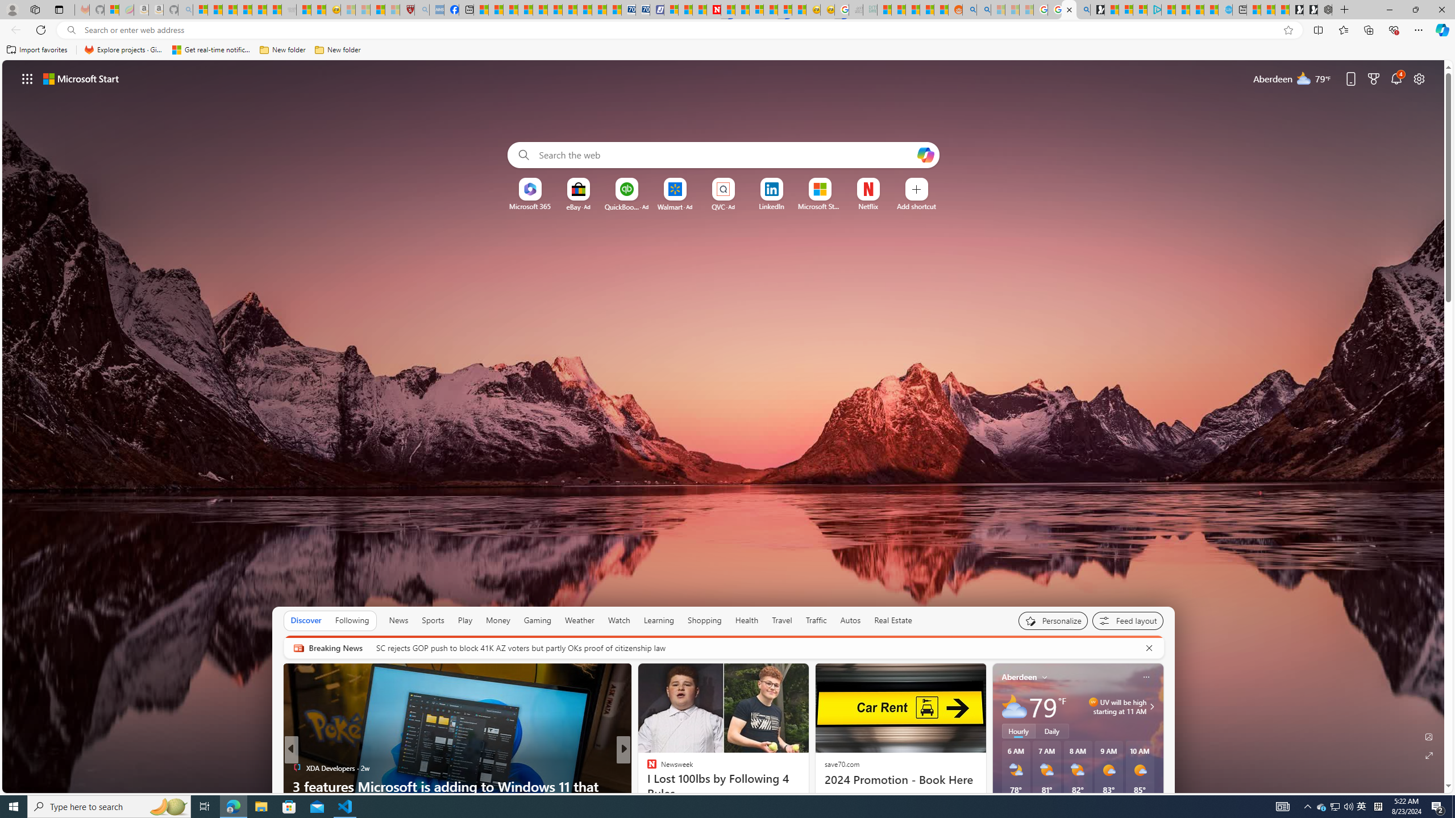  Describe the element at coordinates (704, 620) in the screenshot. I see `'Shopping'` at that location.